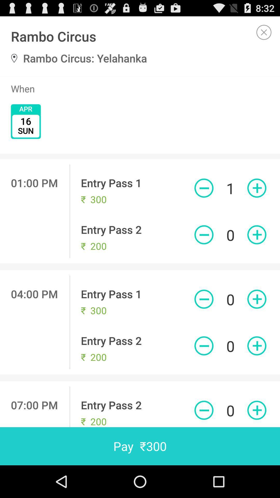  I want to click on increase quantity, so click(257, 299).